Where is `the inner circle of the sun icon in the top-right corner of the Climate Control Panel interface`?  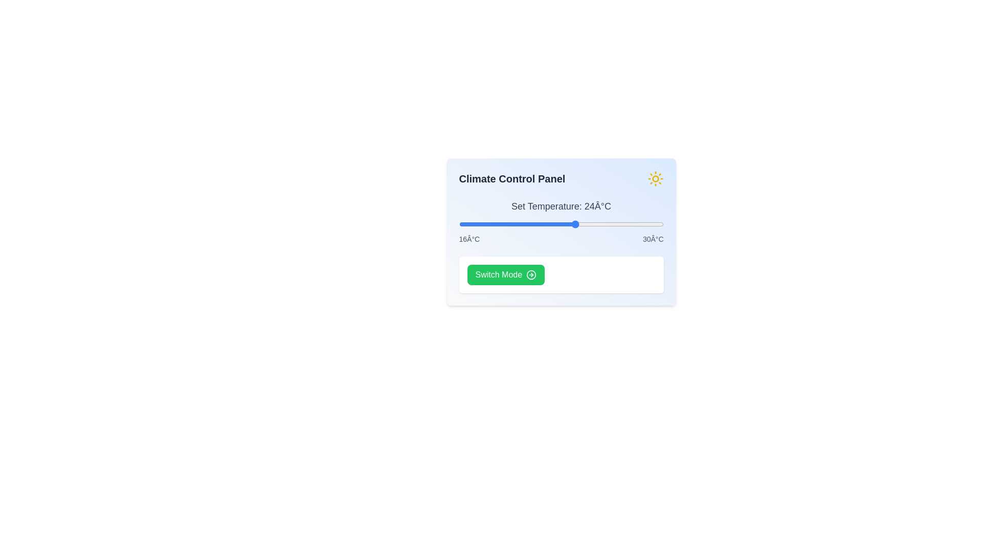 the inner circle of the sun icon in the top-right corner of the Climate Control Panel interface is located at coordinates (655, 178).